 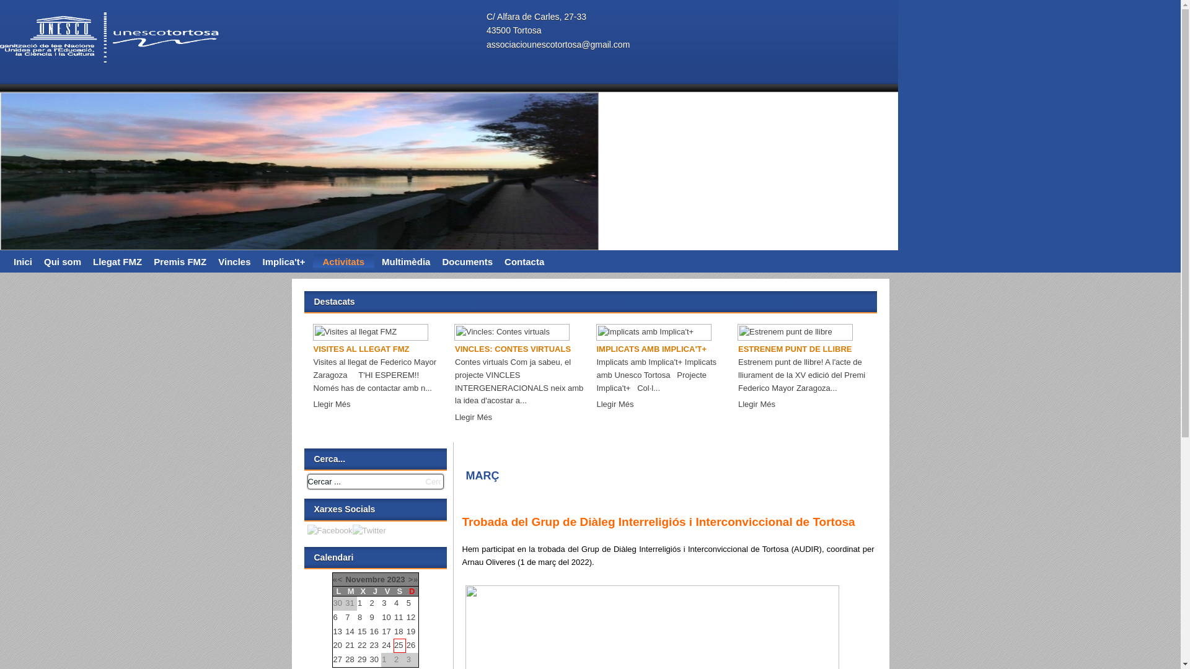 What do you see at coordinates (361, 644) in the screenshot?
I see `'22'` at bounding box center [361, 644].